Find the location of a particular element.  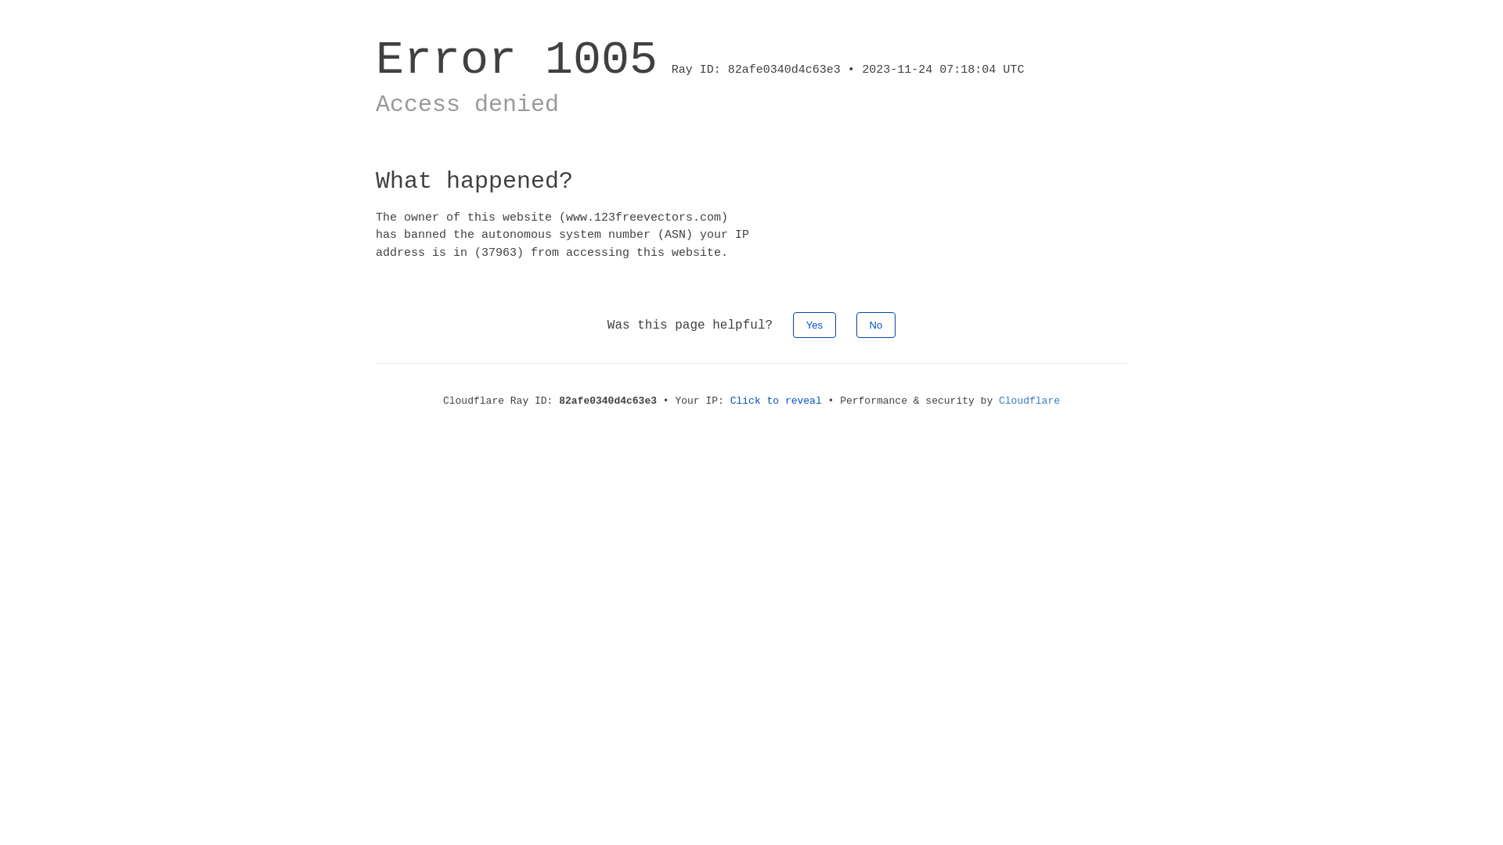

'Cloudflare' is located at coordinates (1029, 400).